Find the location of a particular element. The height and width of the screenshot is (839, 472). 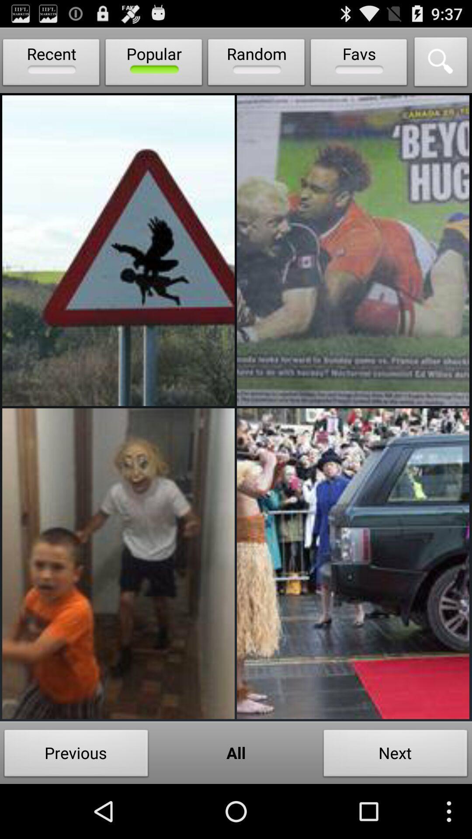

search is located at coordinates (441, 64).